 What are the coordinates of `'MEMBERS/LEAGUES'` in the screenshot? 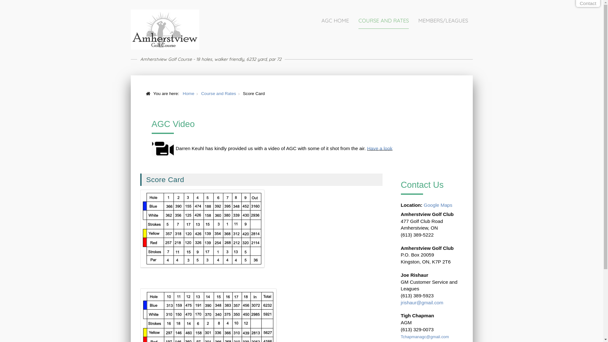 It's located at (442, 20).